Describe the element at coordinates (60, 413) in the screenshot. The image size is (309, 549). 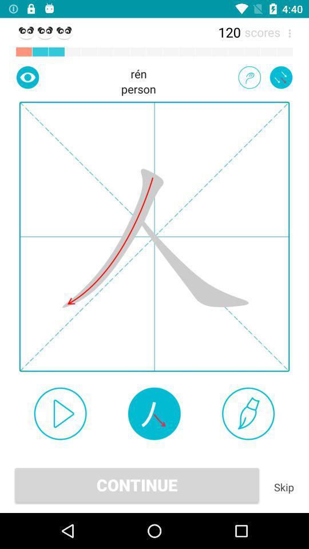
I see `confirm` at that location.